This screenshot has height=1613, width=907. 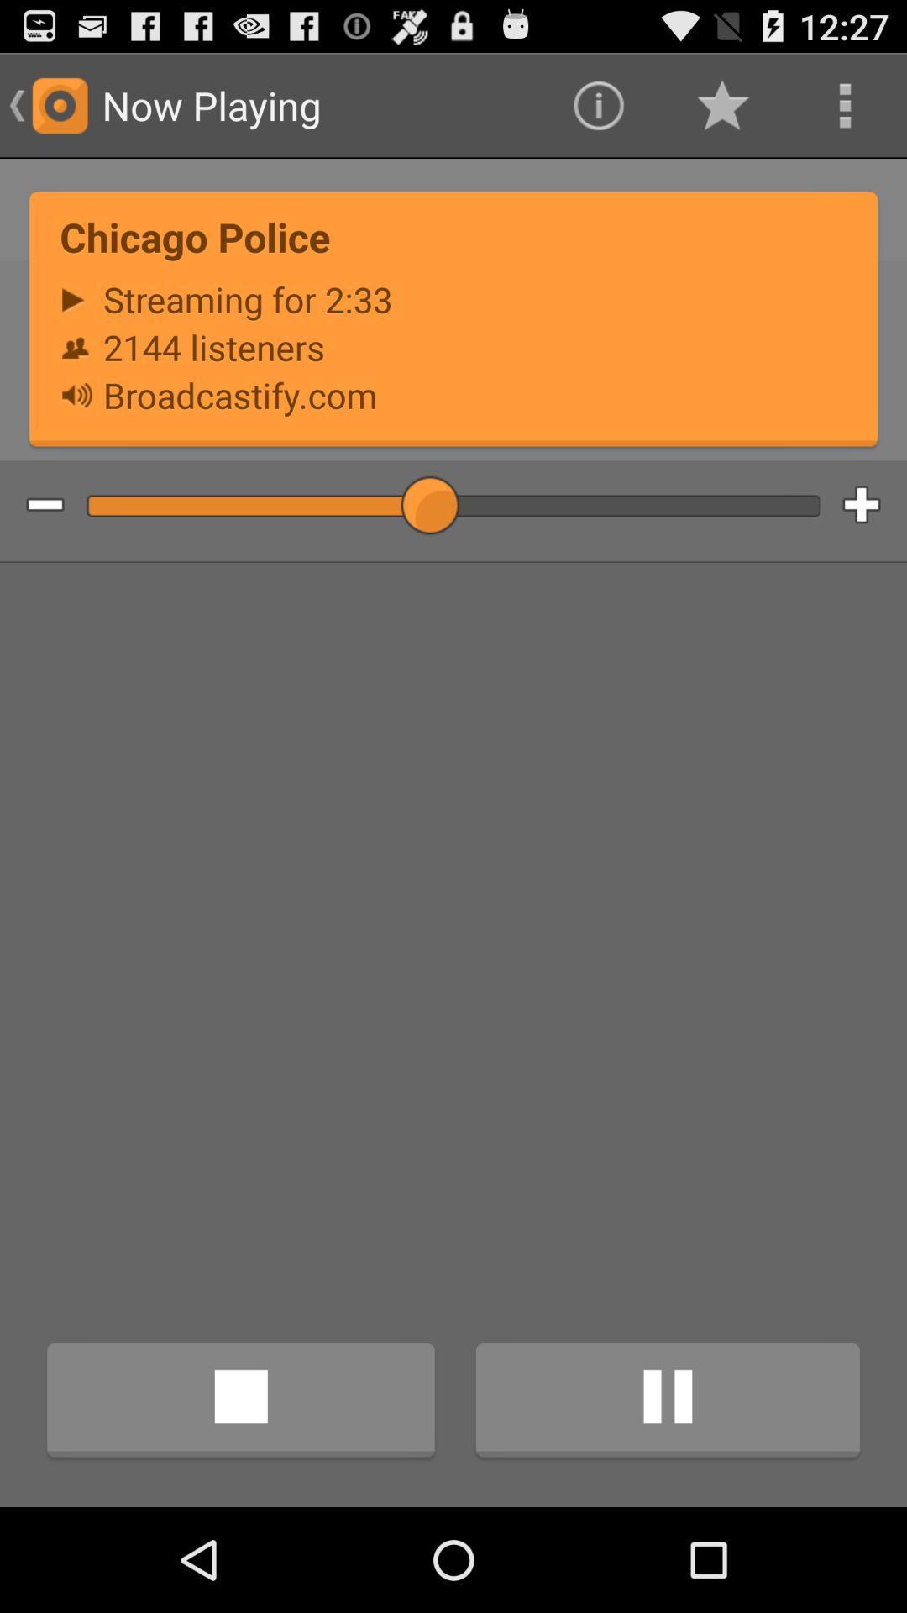 I want to click on the icon at the bottom left corner, so click(x=240, y=1403).